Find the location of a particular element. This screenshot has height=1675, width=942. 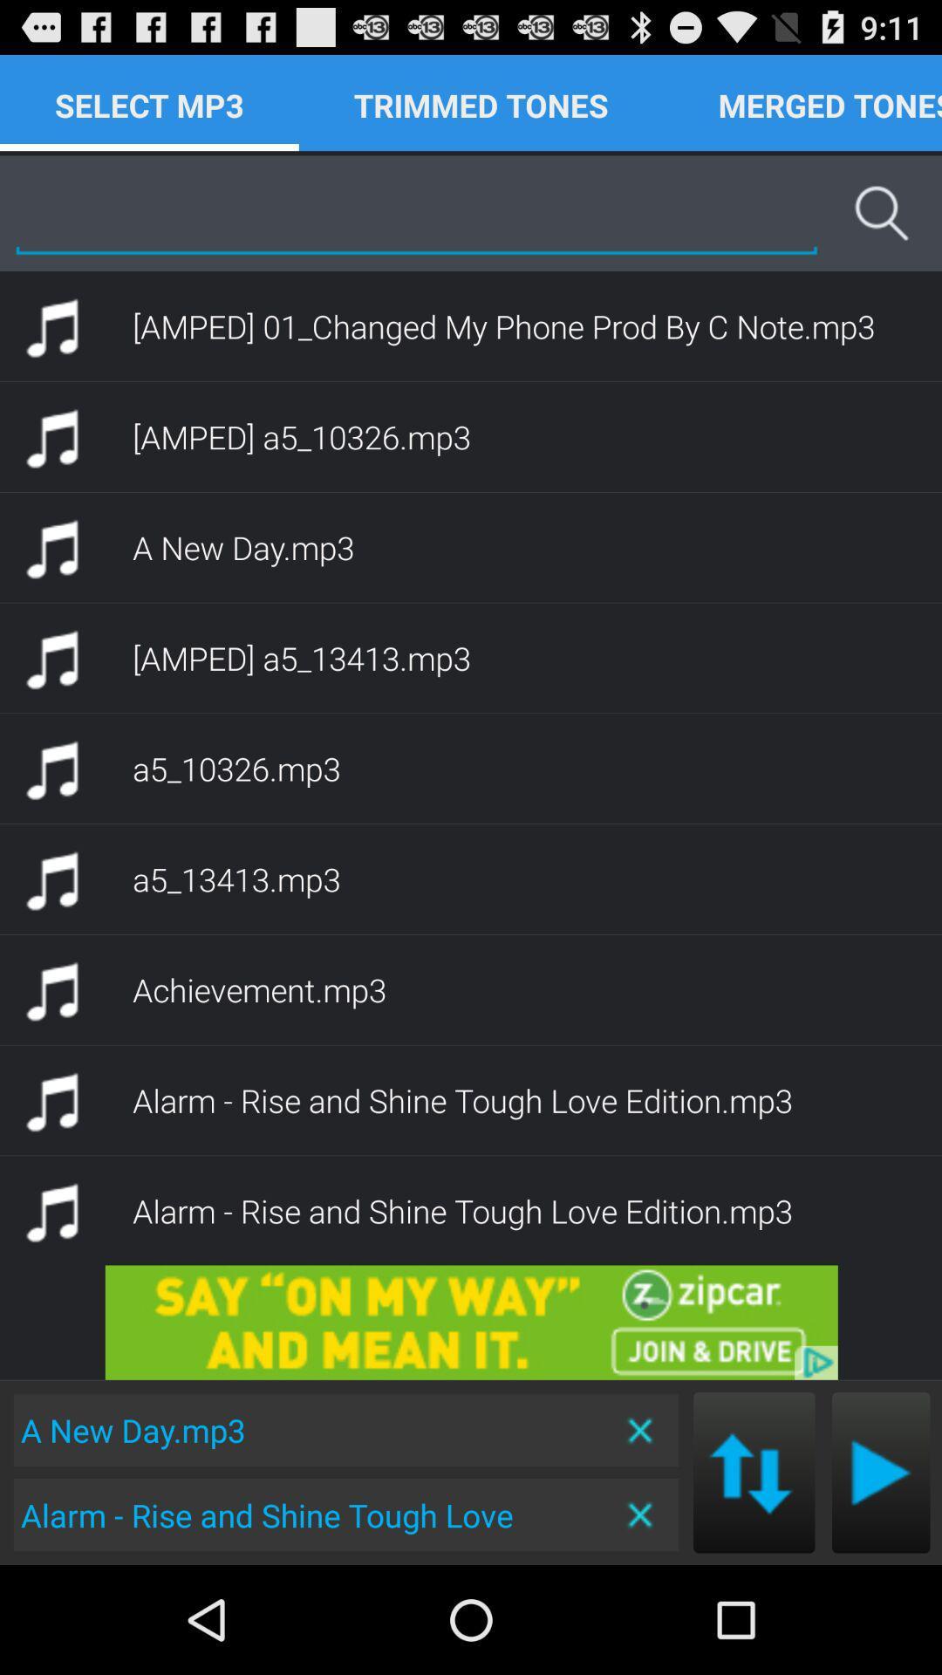

the close button is located at coordinates (641, 1514).